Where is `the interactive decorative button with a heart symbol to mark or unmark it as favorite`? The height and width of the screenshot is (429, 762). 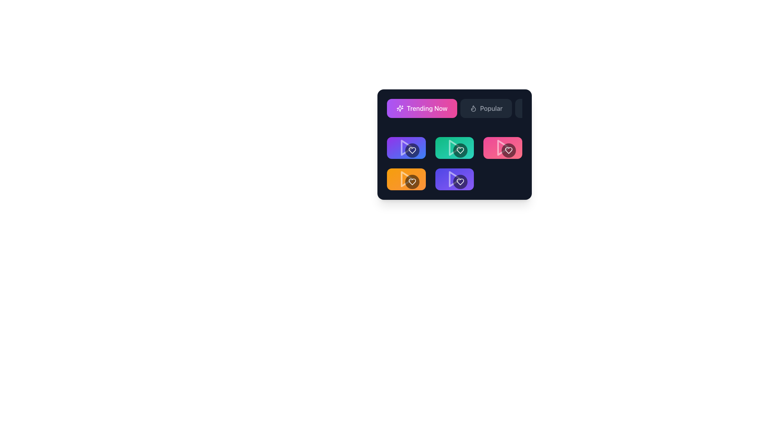
the interactive decorative button with a heart symbol to mark or unmark it as favorite is located at coordinates (412, 150).